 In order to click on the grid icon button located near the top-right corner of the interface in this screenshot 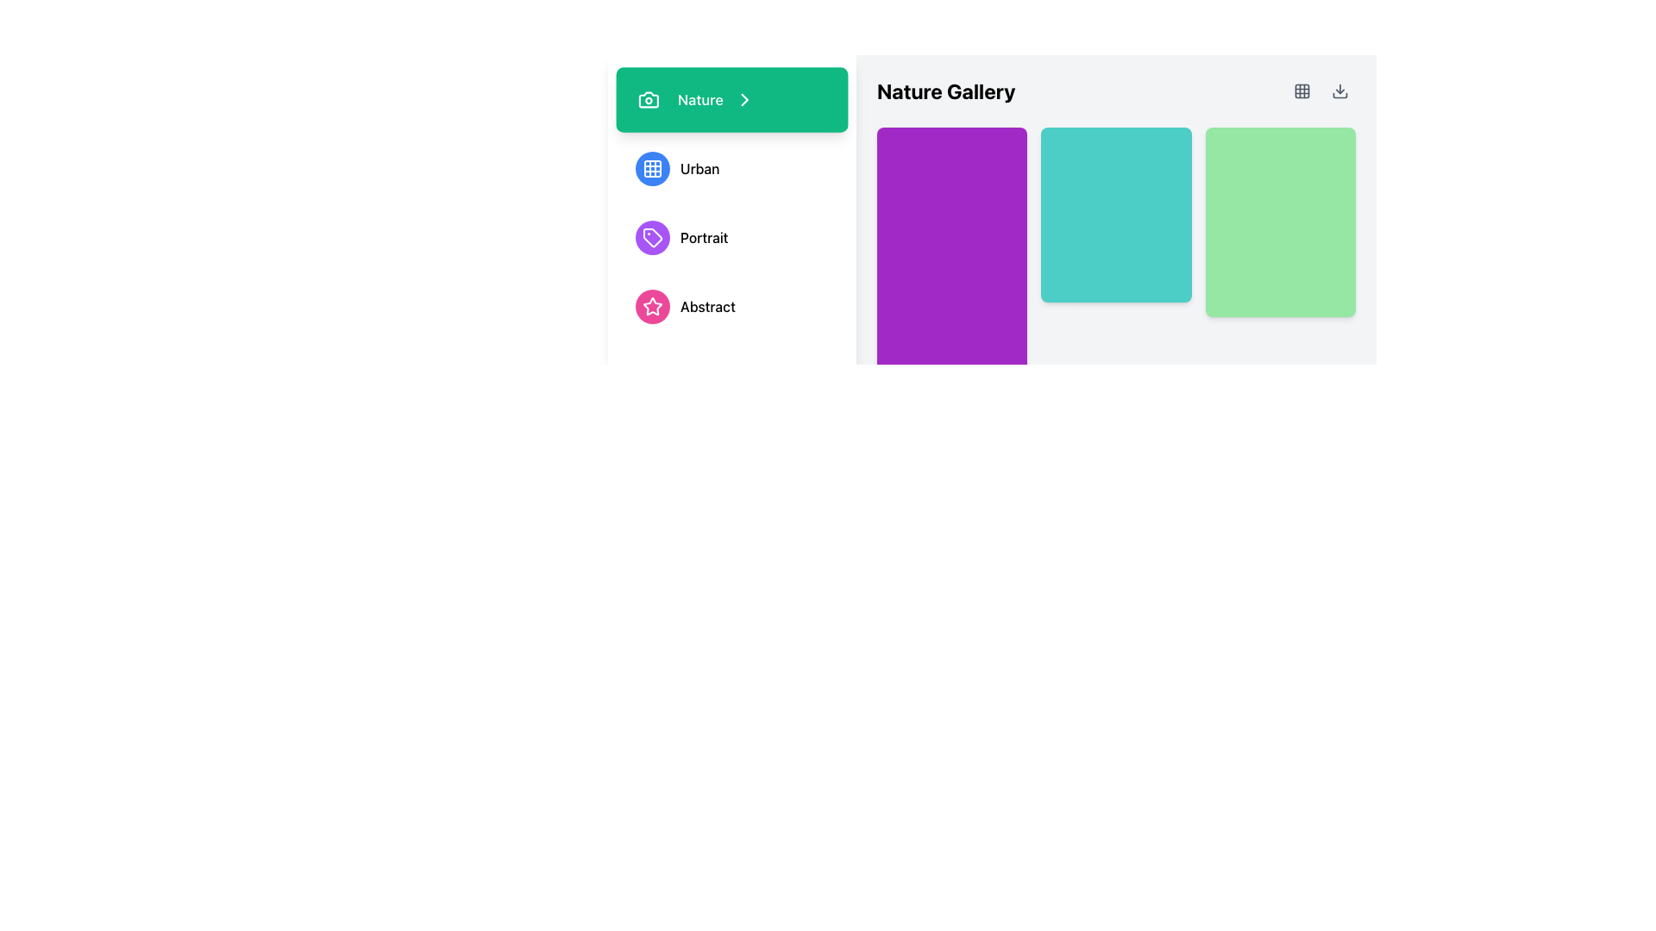, I will do `click(1302, 91)`.